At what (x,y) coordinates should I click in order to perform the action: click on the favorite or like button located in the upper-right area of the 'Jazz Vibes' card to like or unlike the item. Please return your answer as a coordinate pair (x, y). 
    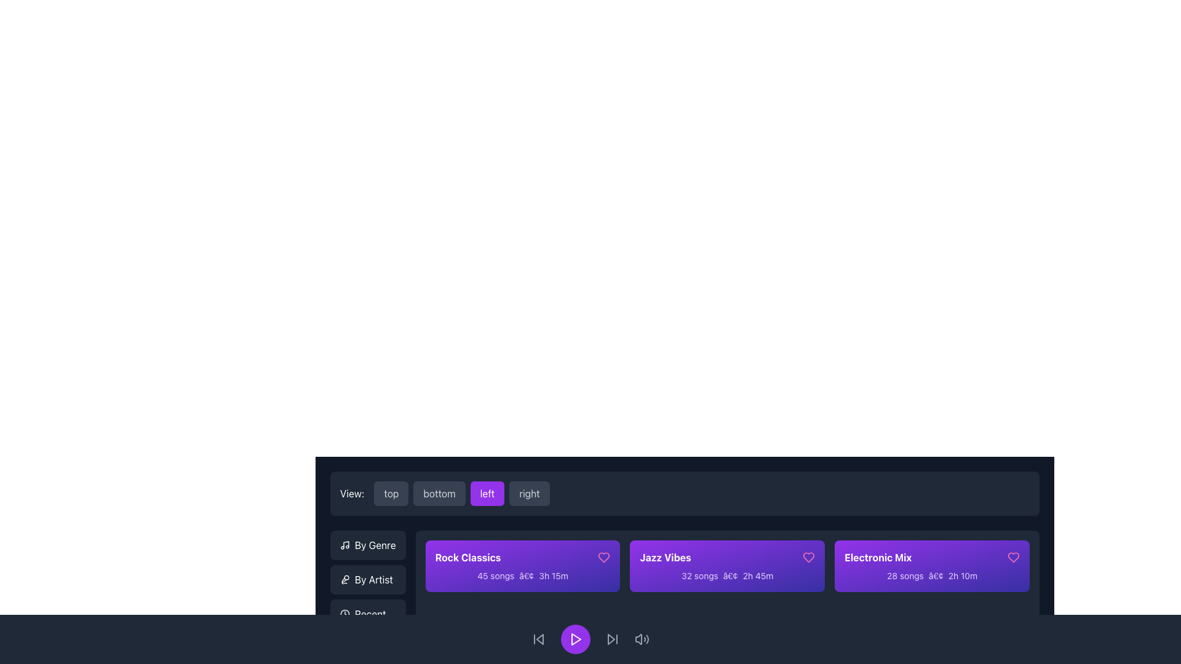
    Looking at the image, I should click on (809, 557).